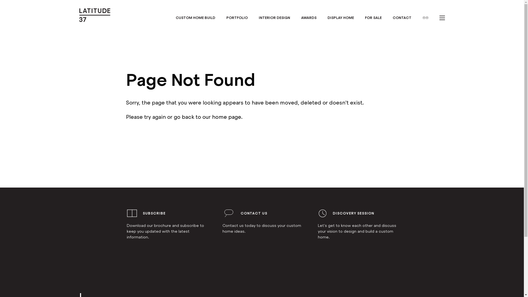  I want to click on 'CONTACT', so click(402, 18).